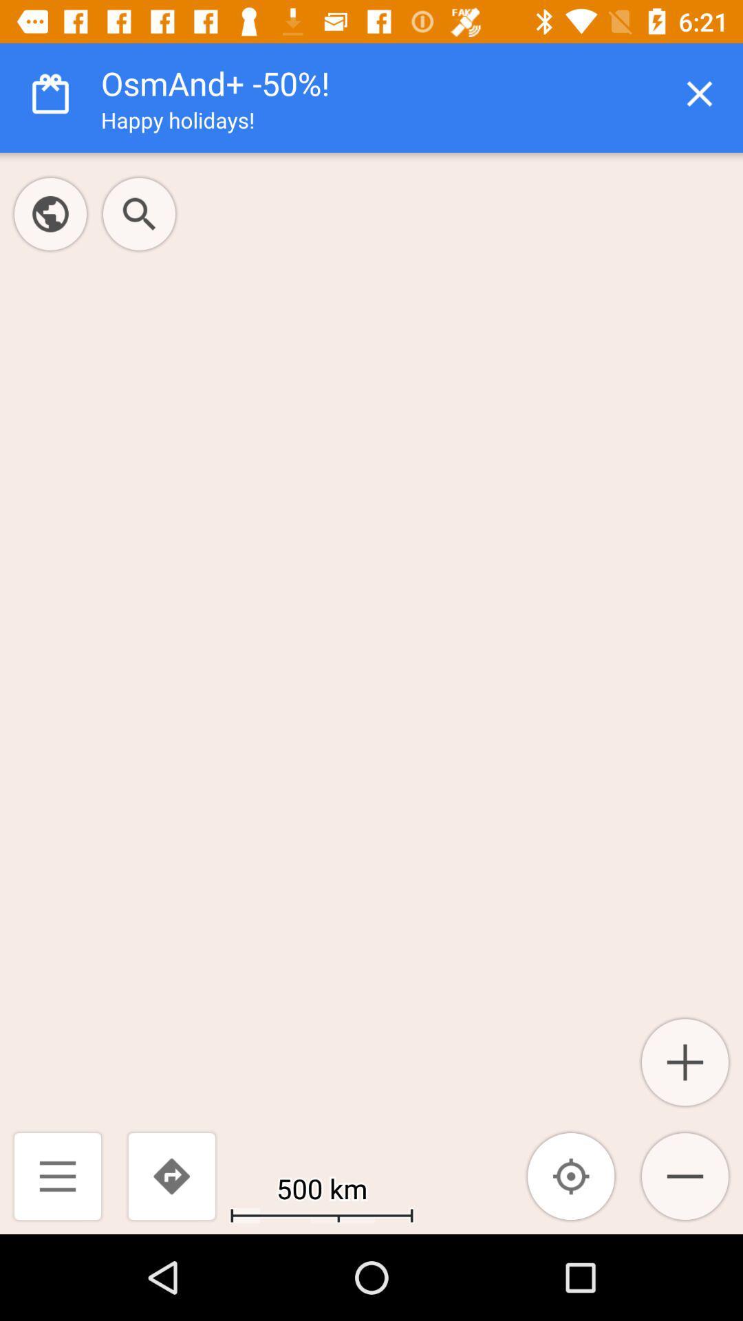 This screenshot has width=743, height=1321. What do you see at coordinates (171, 1175) in the screenshot?
I see `item to the left of the 500 km icon` at bounding box center [171, 1175].